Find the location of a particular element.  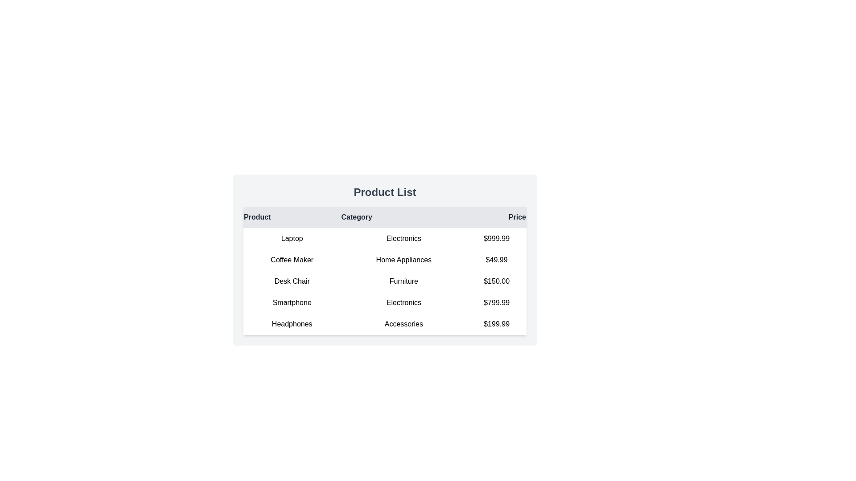

the text label displaying 'Desk Chair', which is centrally aligned in the 'Product' column of the table is located at coordinates (292, 281).